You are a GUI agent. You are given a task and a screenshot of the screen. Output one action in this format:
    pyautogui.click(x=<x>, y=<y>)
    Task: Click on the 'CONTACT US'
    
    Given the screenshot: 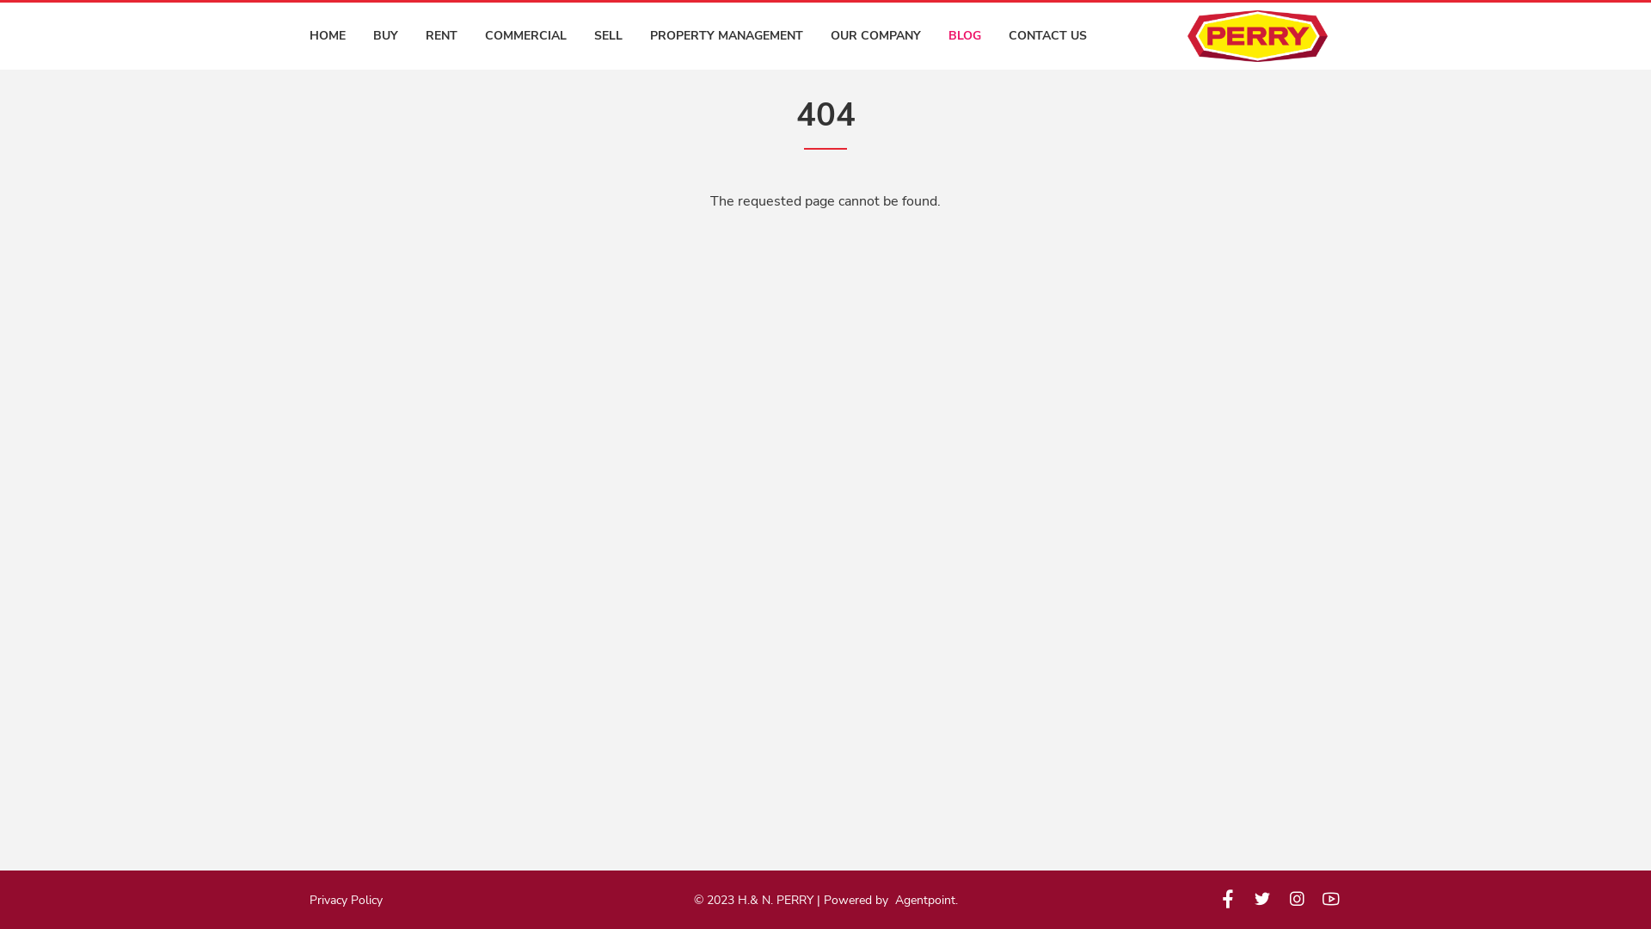 What is the action you would take?
    pyautogui.click(x=1046, y=36)
    